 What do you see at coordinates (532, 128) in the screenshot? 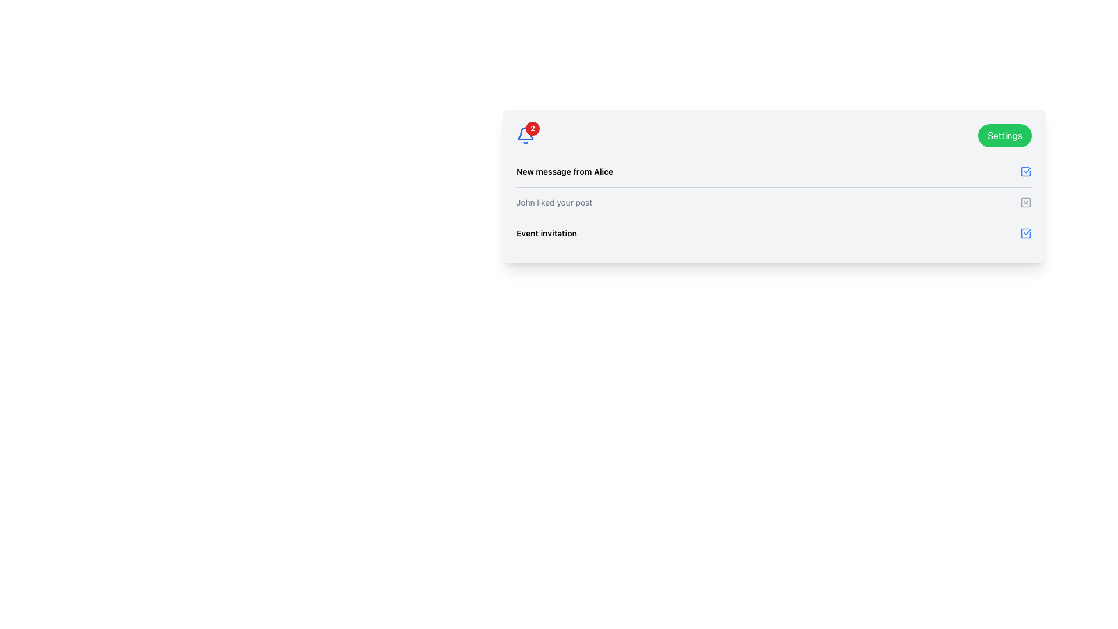
I see `the circular badge with a red background and white text displaying the number '2', which is positioned at the top-right corner of the blue notification bell icon` at bounding box center [532, 128].